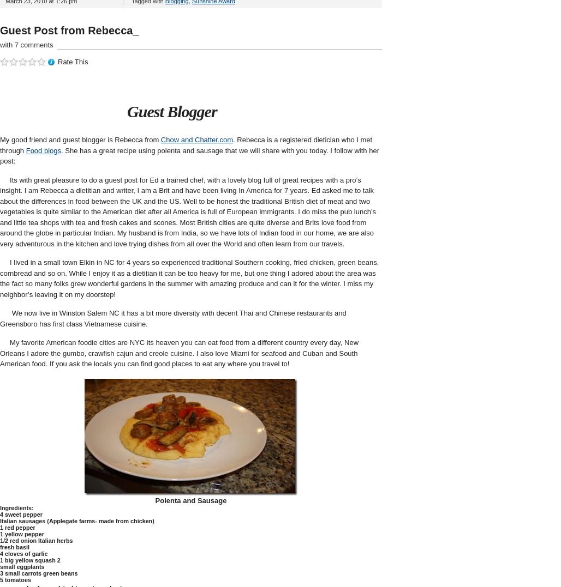 The height and width of the screenshot is (587, 561). What do you see at coordinates (23, 552) in the screenshot?
I see `'4 cloves of garlic'` at bounding box center [23, 552].